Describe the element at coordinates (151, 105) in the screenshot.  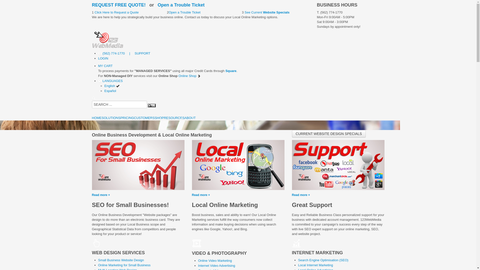
I see `'go'` at that location.